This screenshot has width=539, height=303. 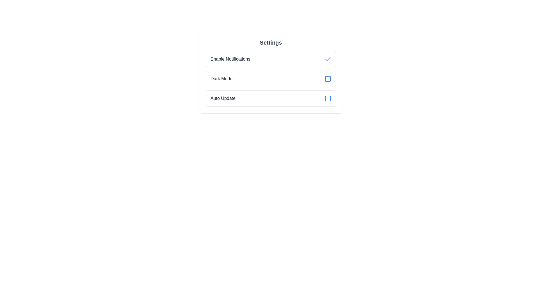 I want to click on the 'Auto Update' checkbox, so click(x=328, y=98).